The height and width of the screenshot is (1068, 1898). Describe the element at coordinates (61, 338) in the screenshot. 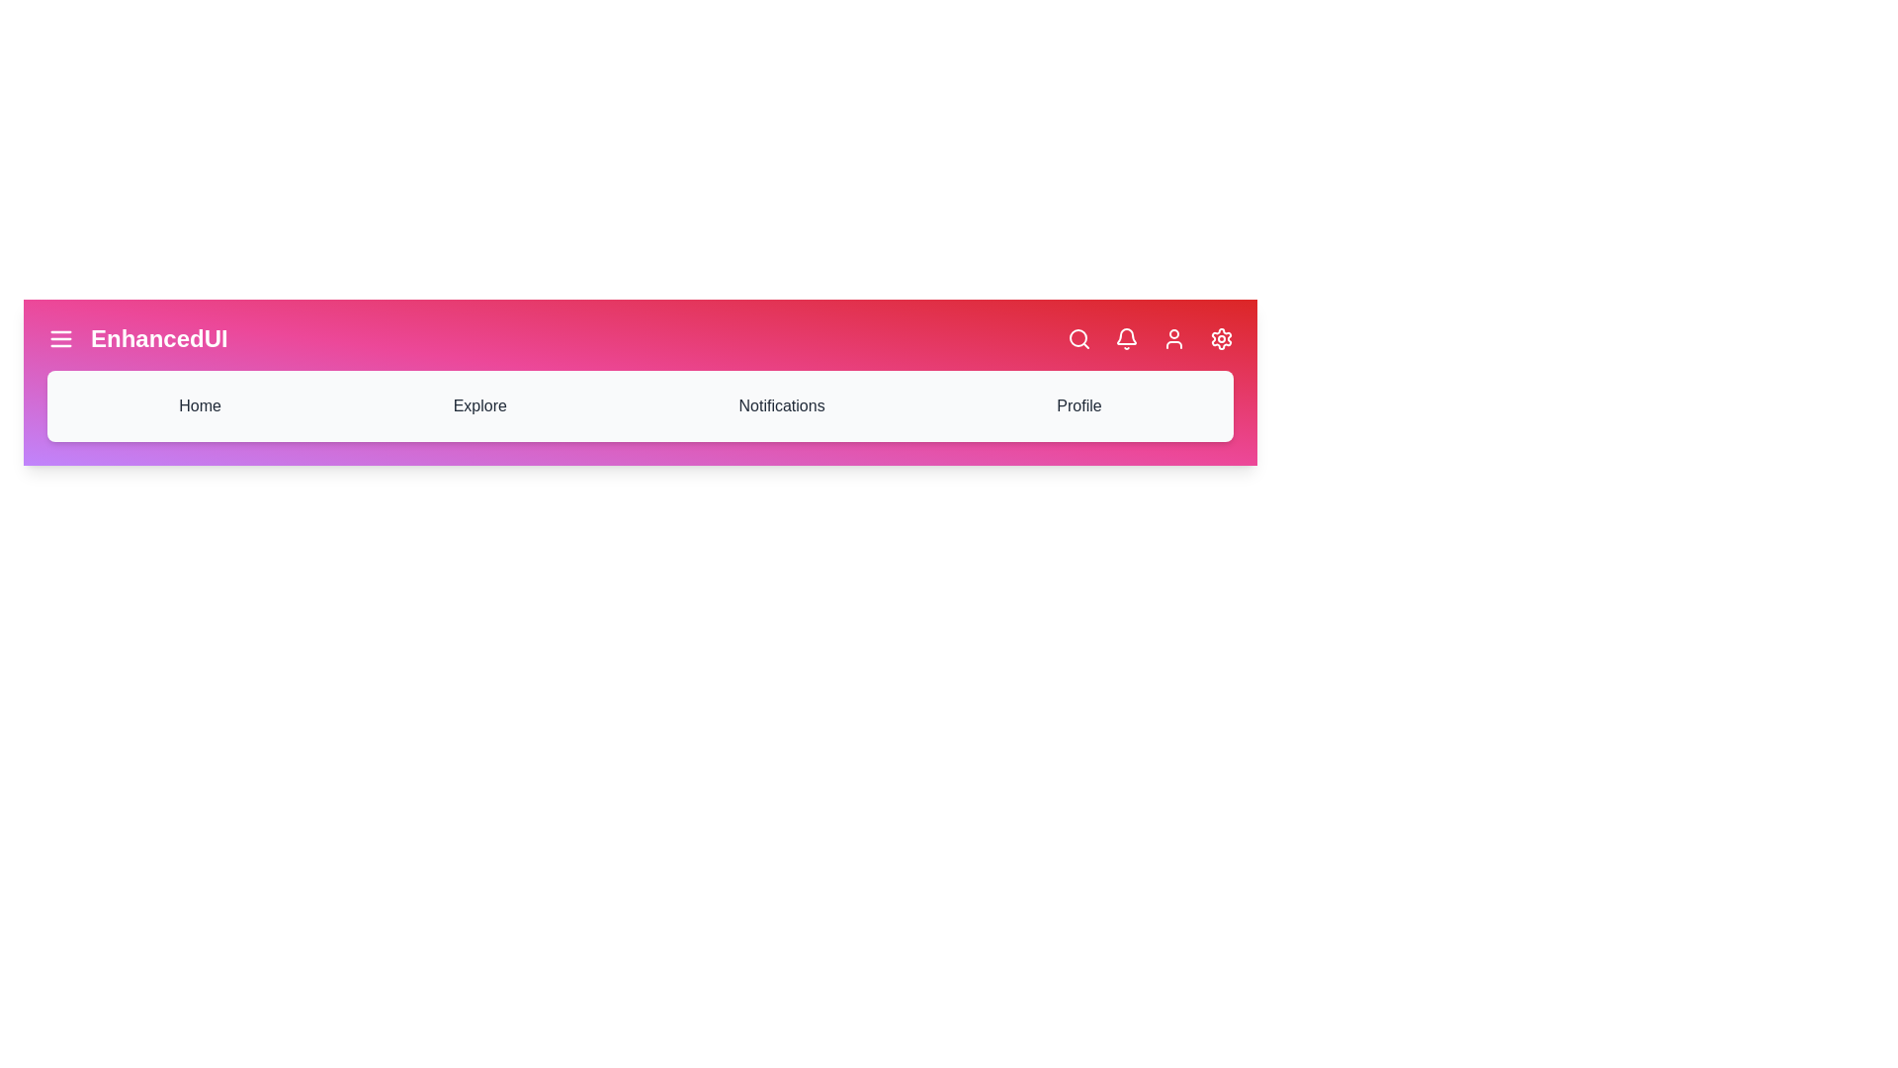

I see `the icon corresponding to Menu` at that location.